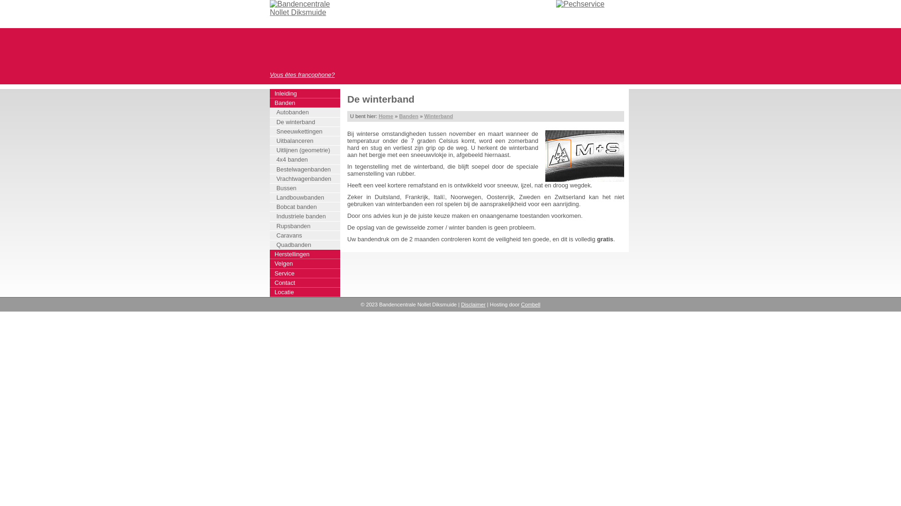  Describe the element at coordinates (306, 132) in the screenshot. I see `'Sneeuwkettingen'` at that location.